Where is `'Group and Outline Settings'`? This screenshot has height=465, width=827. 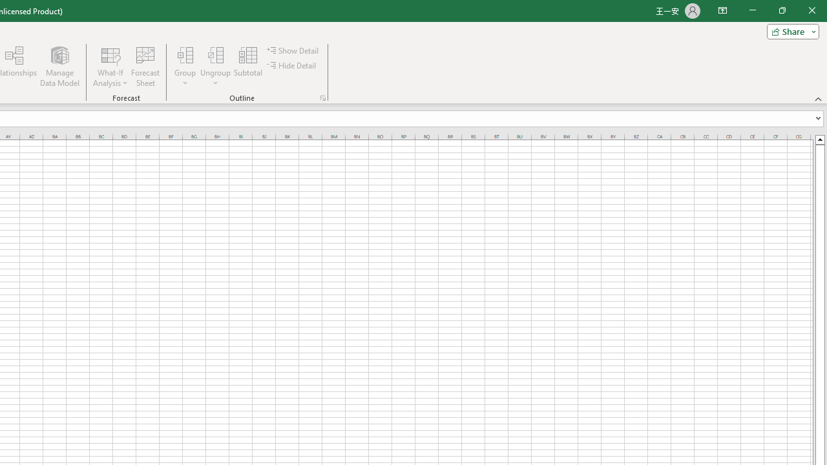
'Group and Outline Settings' is located at coordinates (322, 97).